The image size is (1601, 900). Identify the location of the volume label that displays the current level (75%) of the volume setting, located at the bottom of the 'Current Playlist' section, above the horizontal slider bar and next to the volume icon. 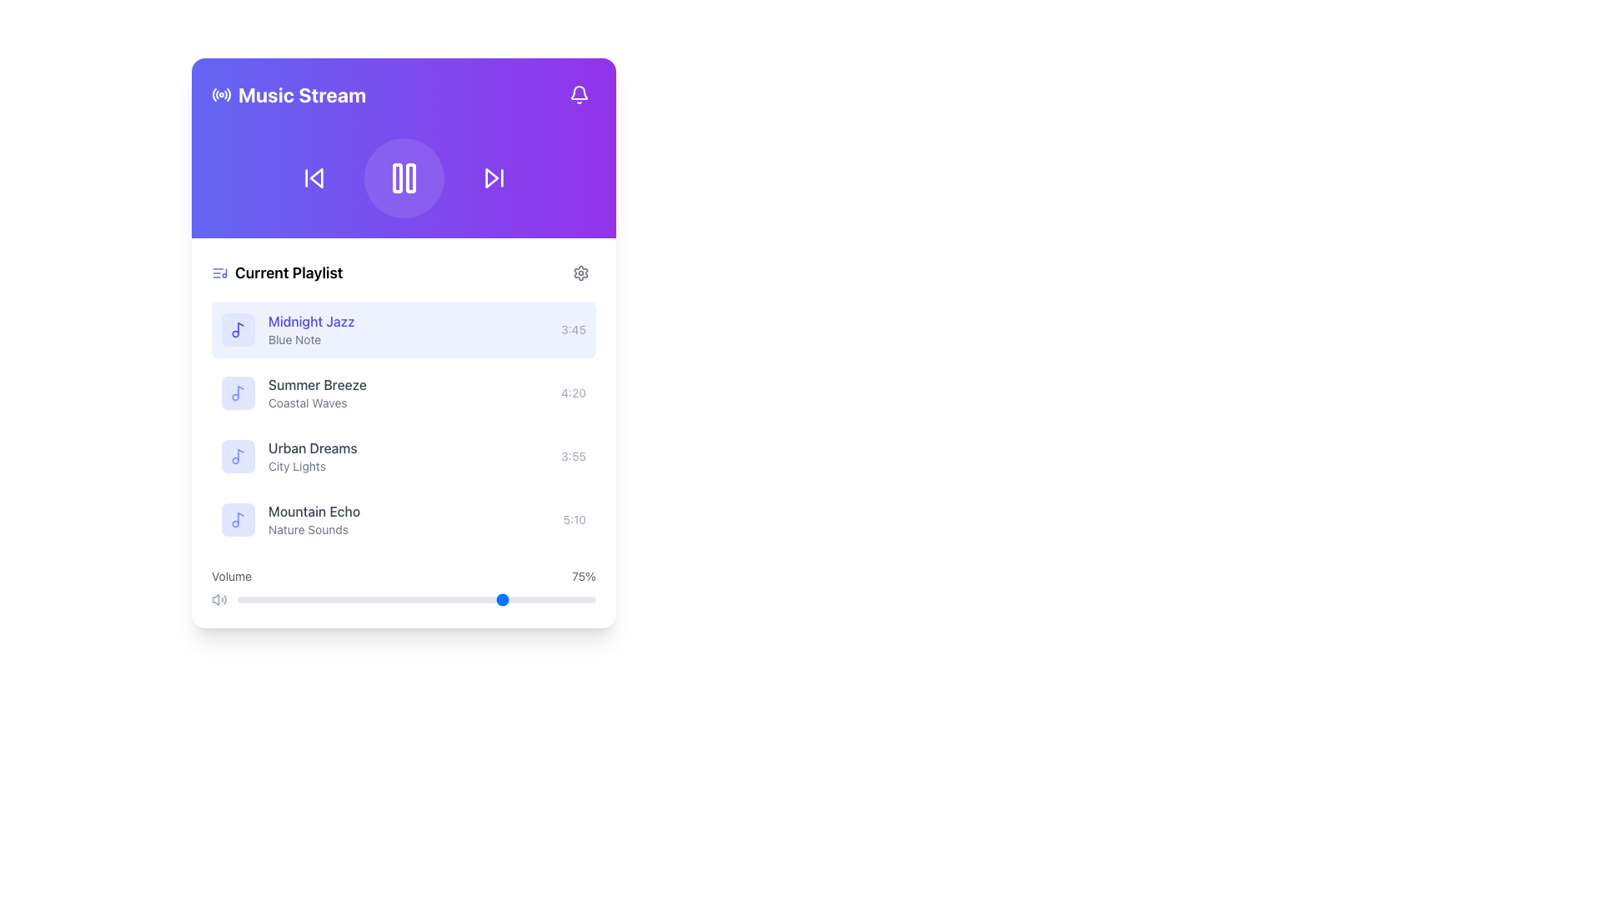
(404, 575).